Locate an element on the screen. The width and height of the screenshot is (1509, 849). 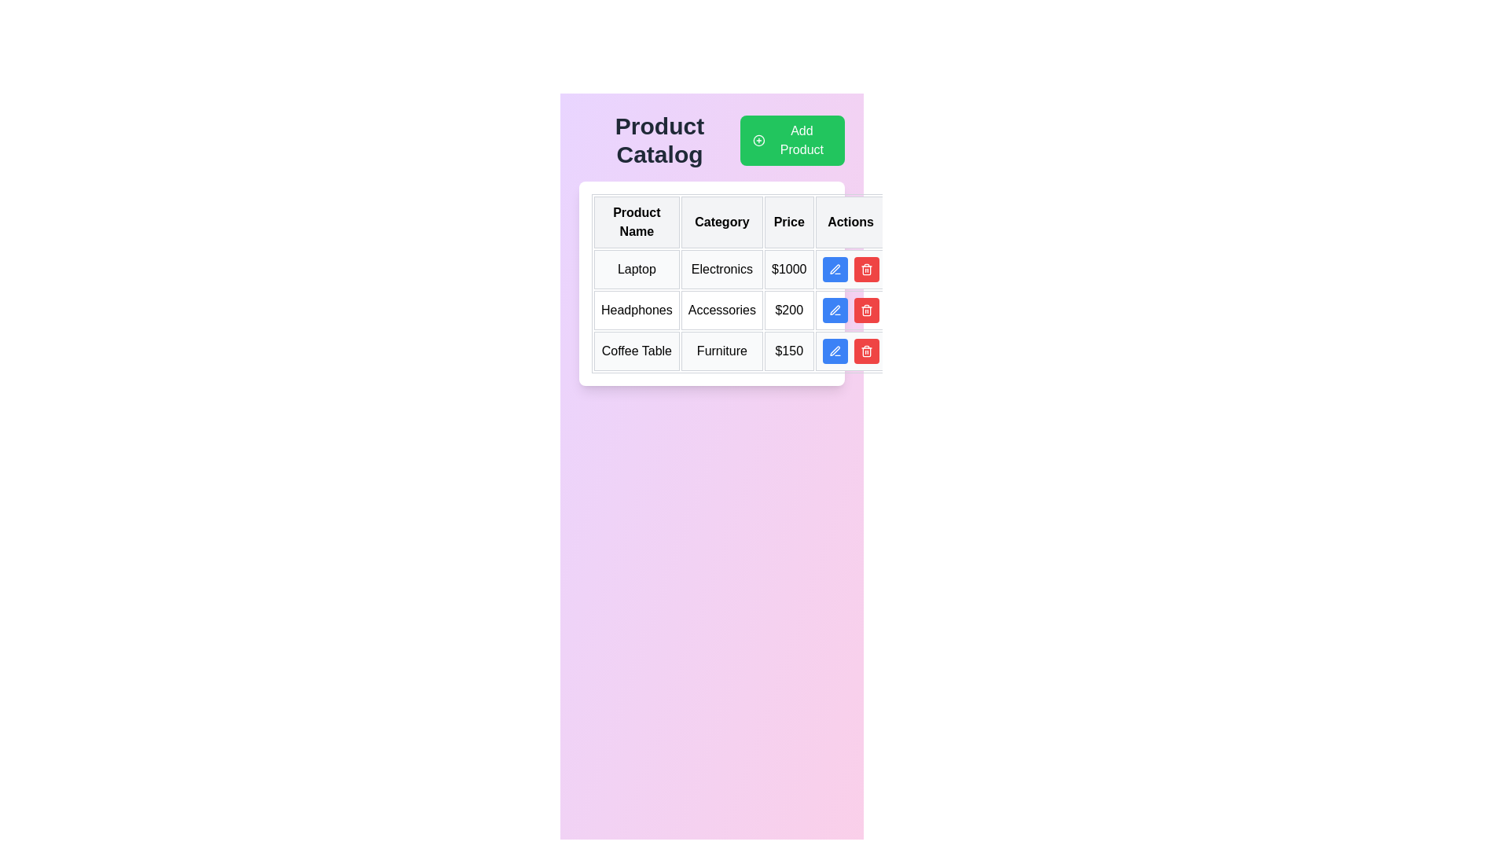
the Text Display element that shows the category 'Accessories', located in the second row and second column of the table is located at coordinates (721, 310).